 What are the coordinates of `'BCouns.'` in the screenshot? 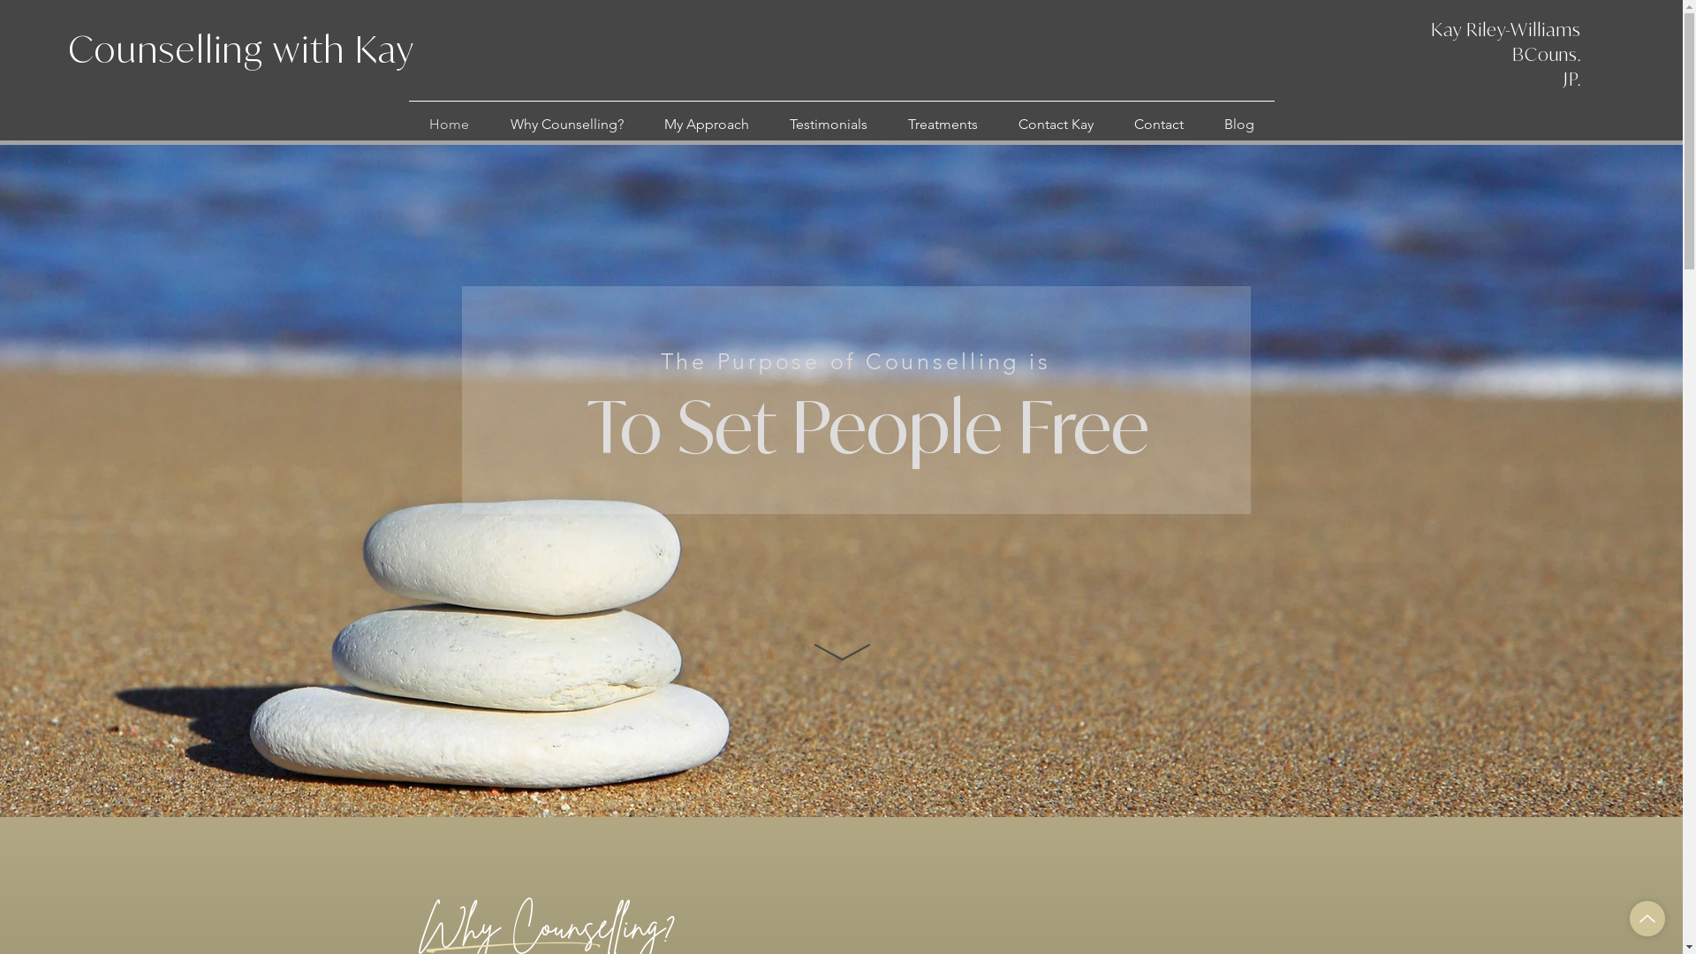 It's located at (1546, 53).